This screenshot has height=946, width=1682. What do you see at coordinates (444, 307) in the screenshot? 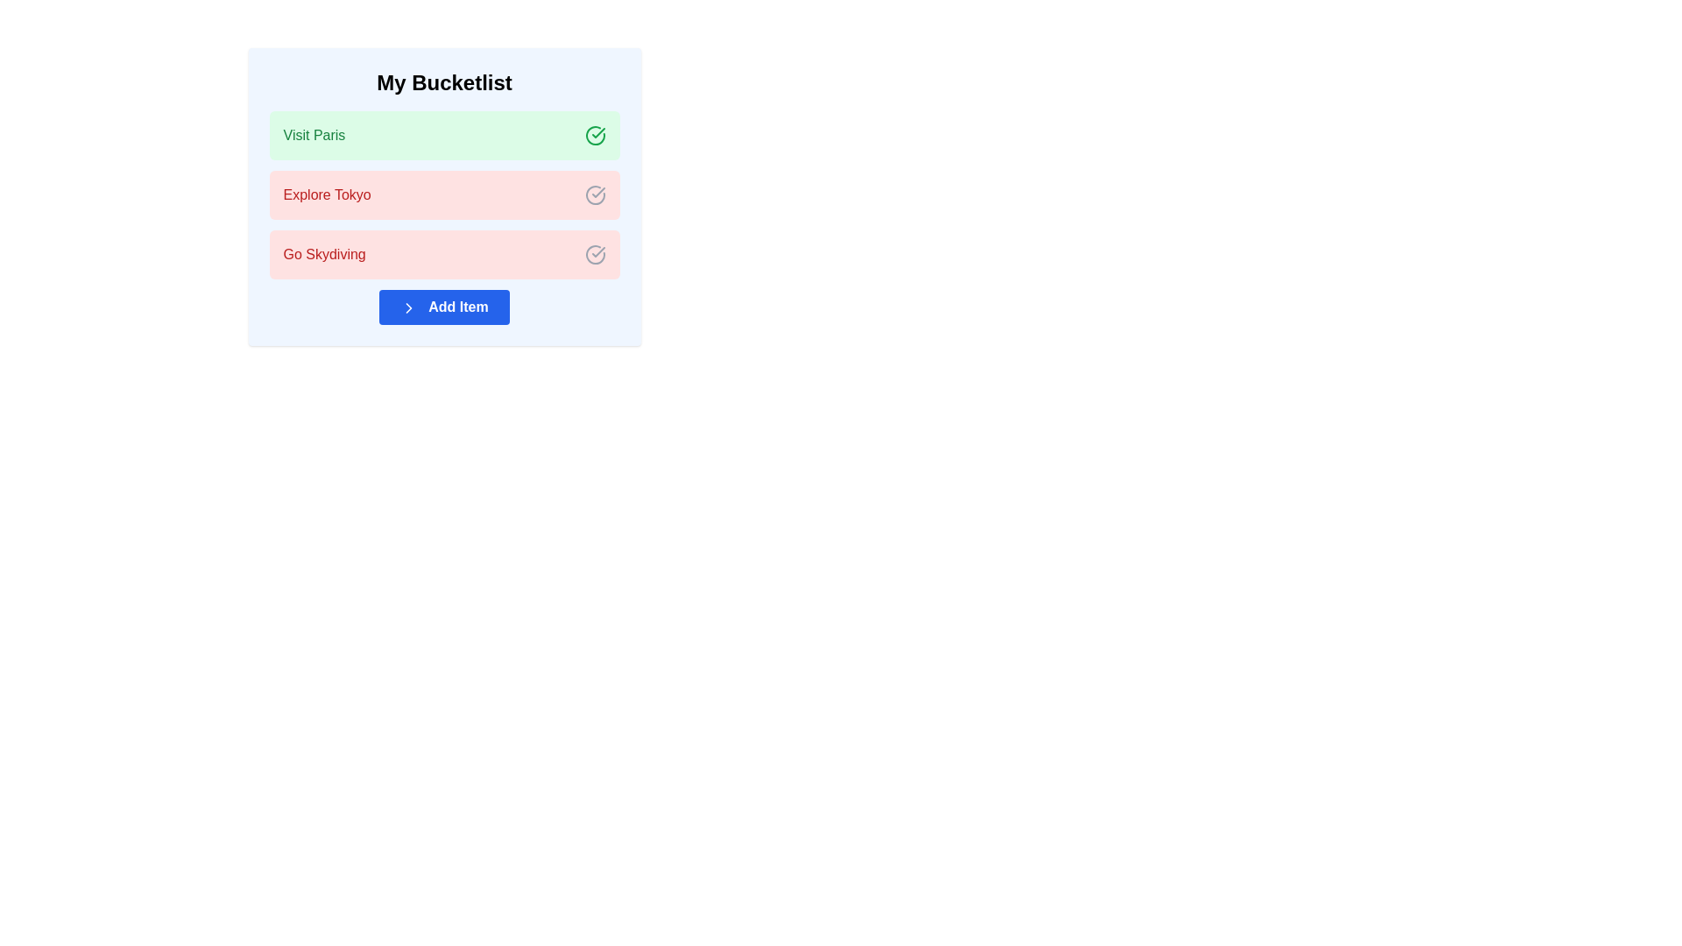
I see `the 'Add Item' button to initiate adding a new item to the checklist` at bounding box center [444, 307].